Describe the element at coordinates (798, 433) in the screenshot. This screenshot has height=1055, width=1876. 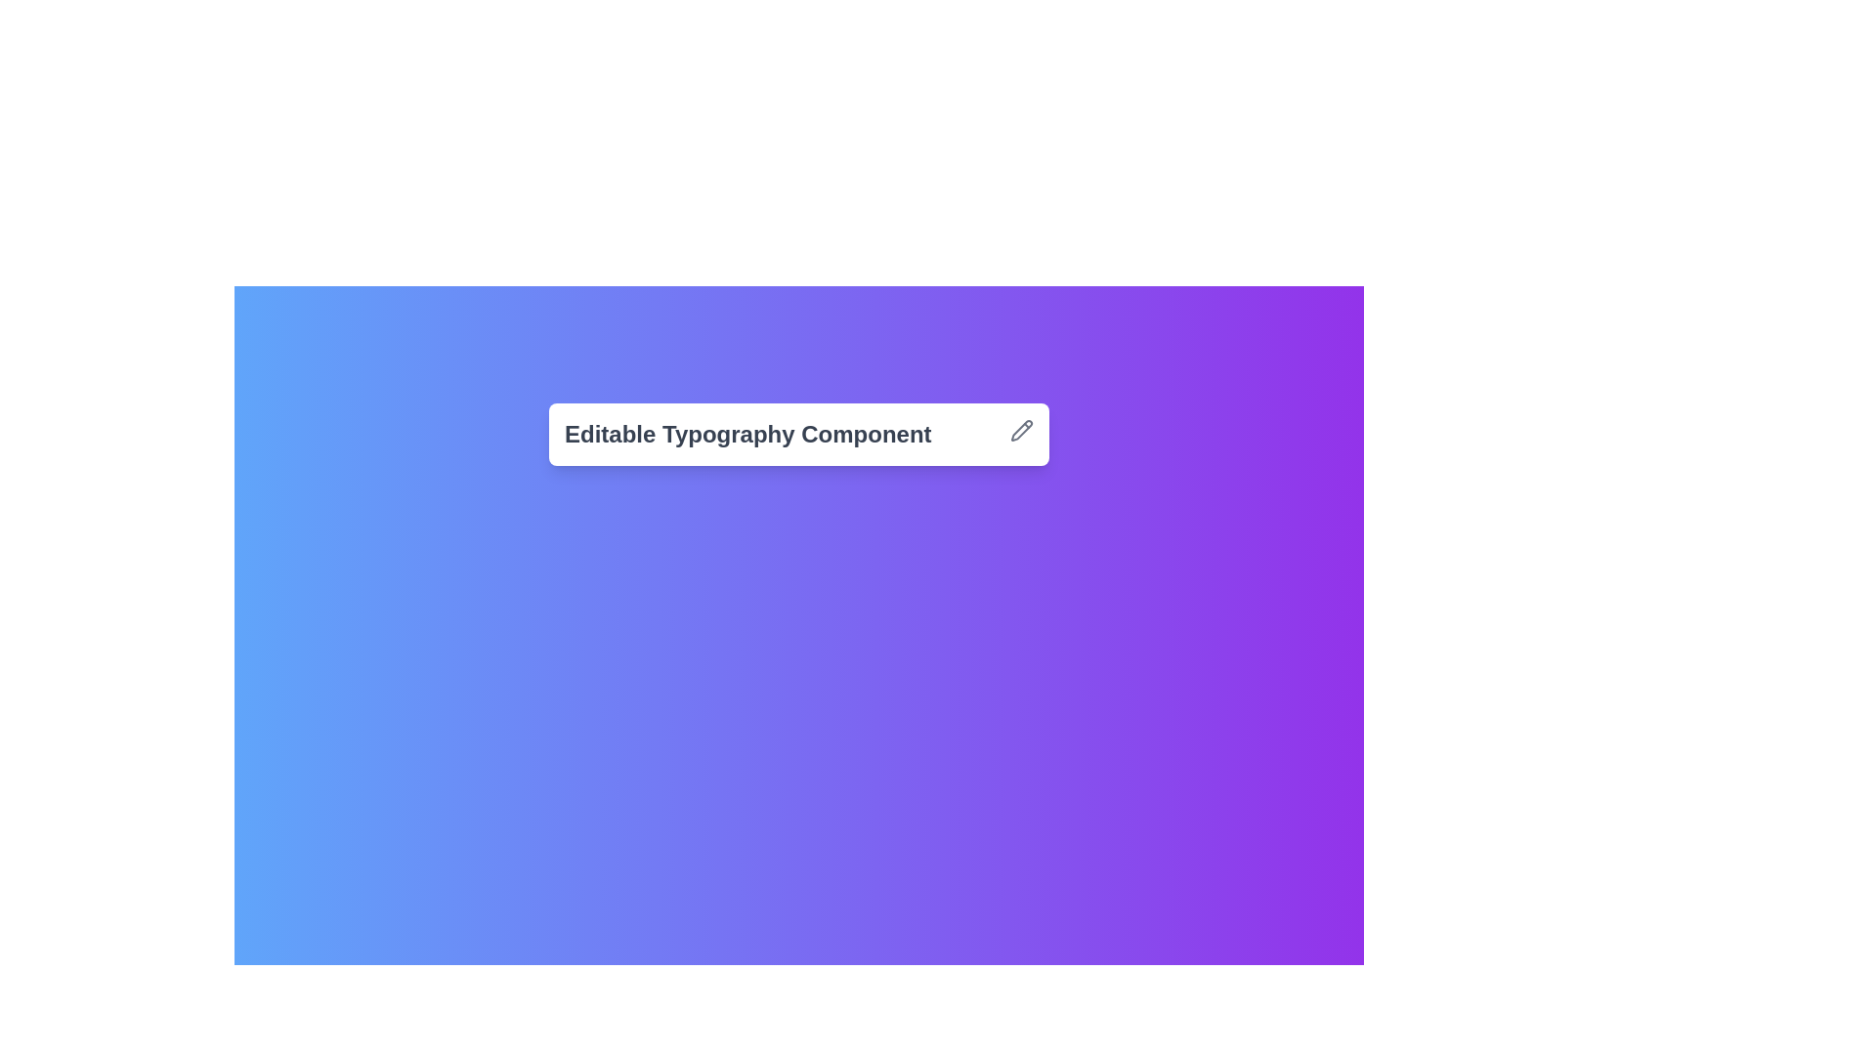
I see `the editable text area located centrally within a white rounded rectangle with a shadow effect, which also contains a pencil icon for editing functionality` at that location.